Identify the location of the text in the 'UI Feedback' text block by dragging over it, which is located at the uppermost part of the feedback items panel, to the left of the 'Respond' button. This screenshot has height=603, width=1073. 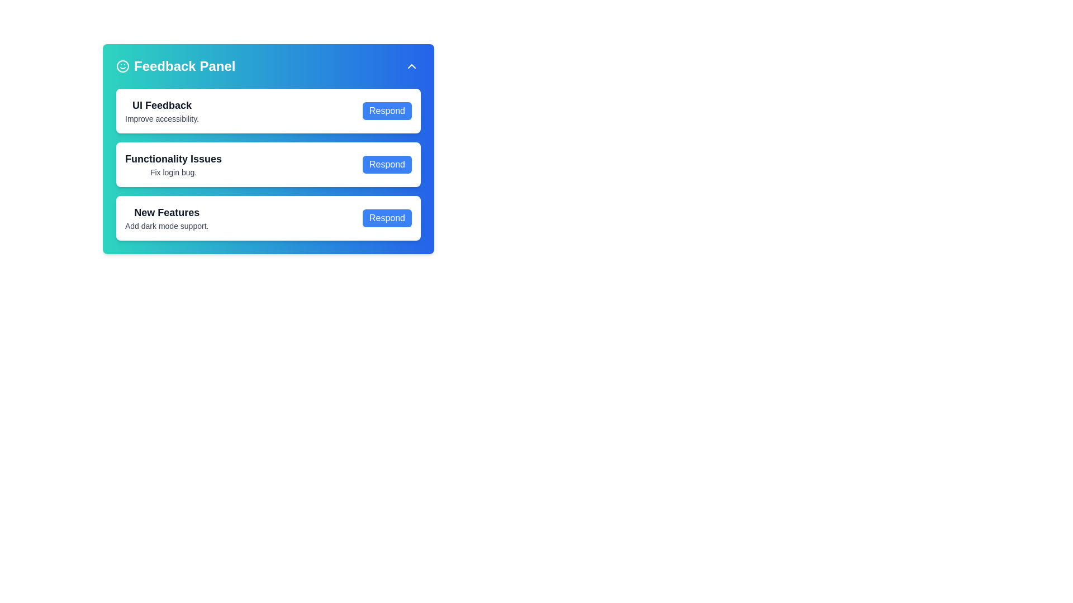
(161, 111).